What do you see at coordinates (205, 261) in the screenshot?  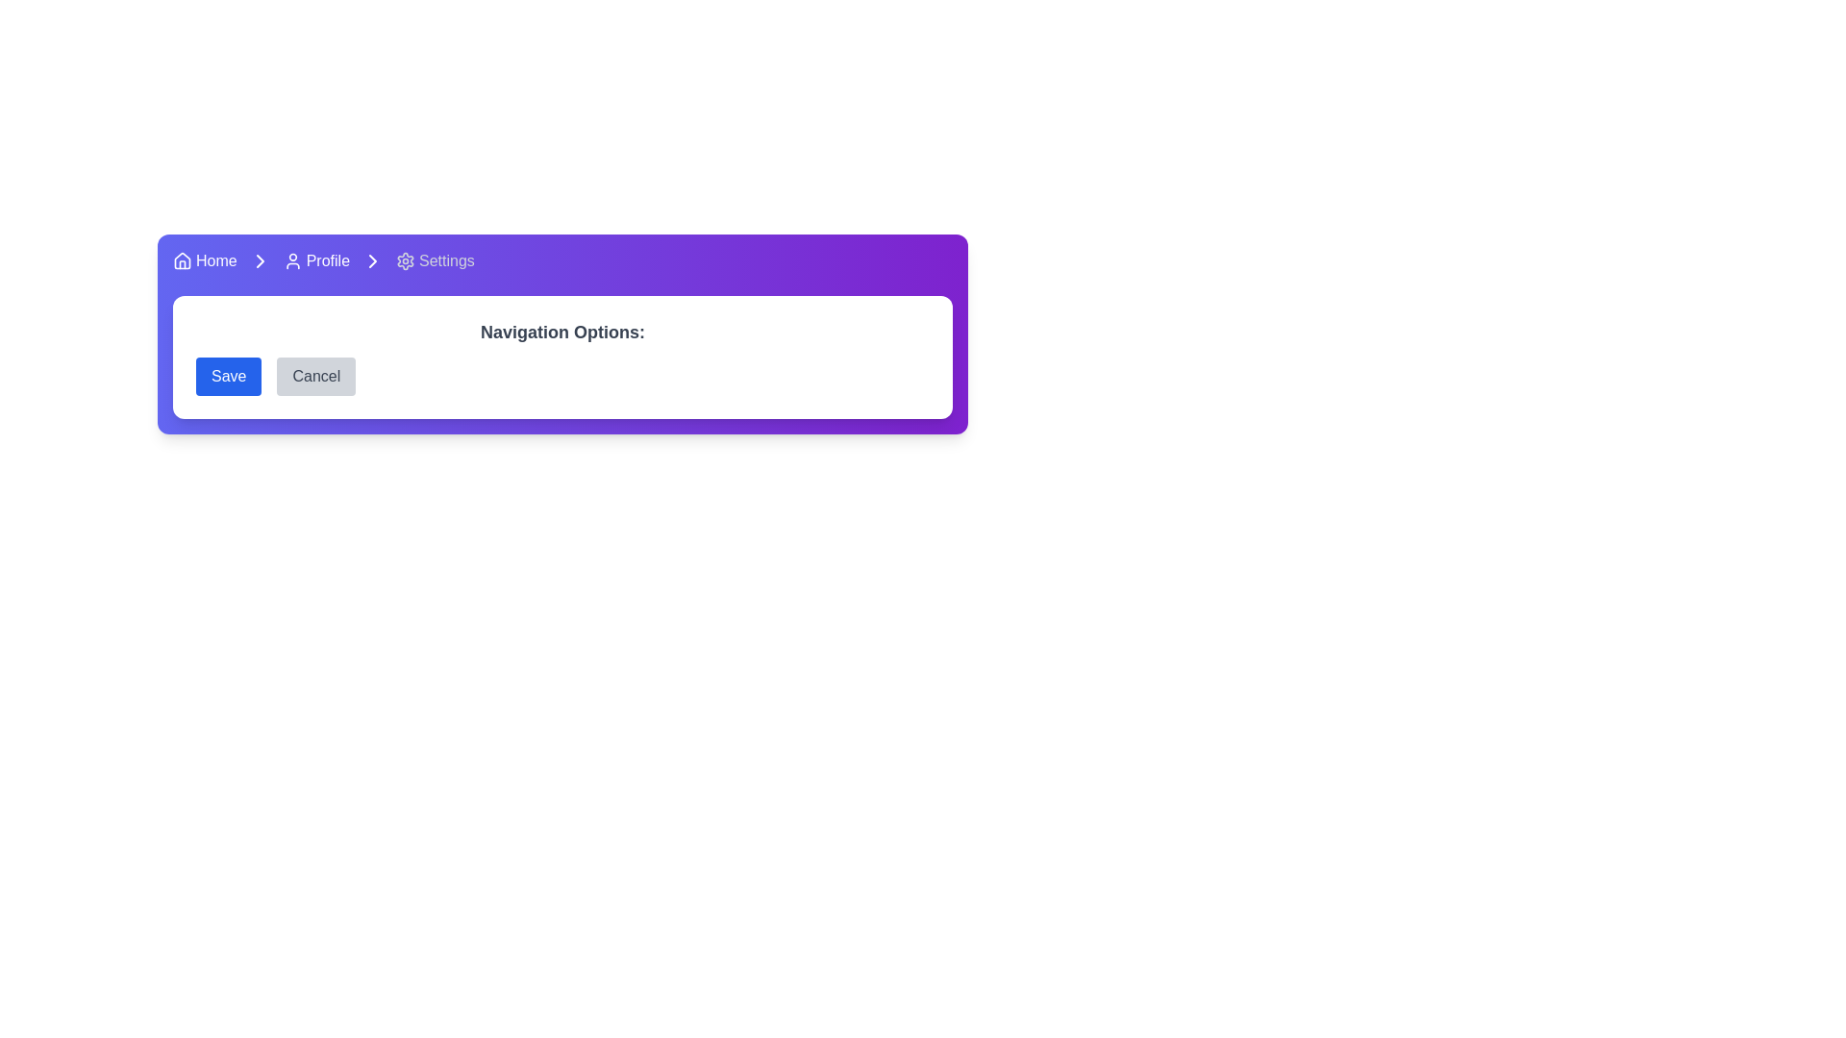 I see `the 'Home' interactive link, which is a text label displaying 'Home' next to a house icon, located in the top-left corner of the navigation bar` at bounding box center [205, 261].